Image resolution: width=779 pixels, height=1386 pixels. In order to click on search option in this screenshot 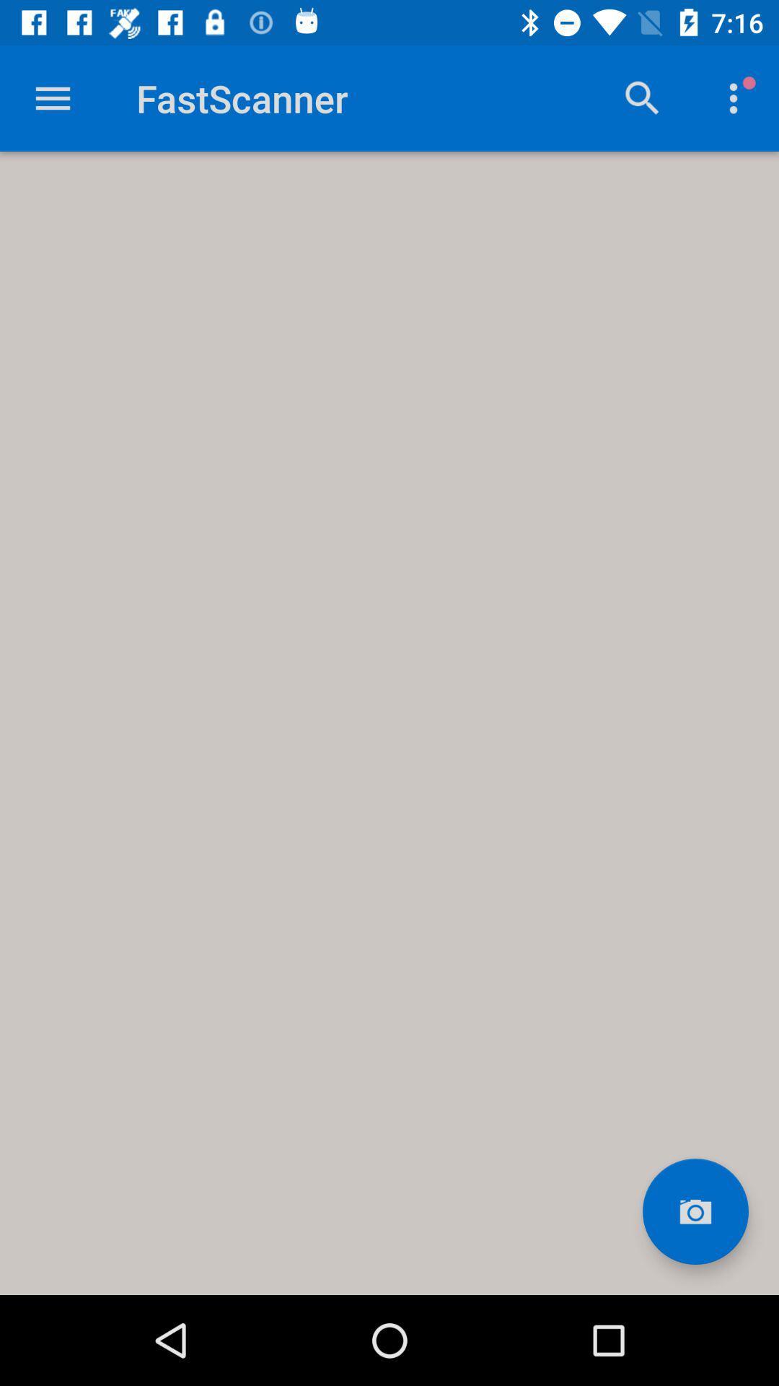, I will do `click(642, 97)`.